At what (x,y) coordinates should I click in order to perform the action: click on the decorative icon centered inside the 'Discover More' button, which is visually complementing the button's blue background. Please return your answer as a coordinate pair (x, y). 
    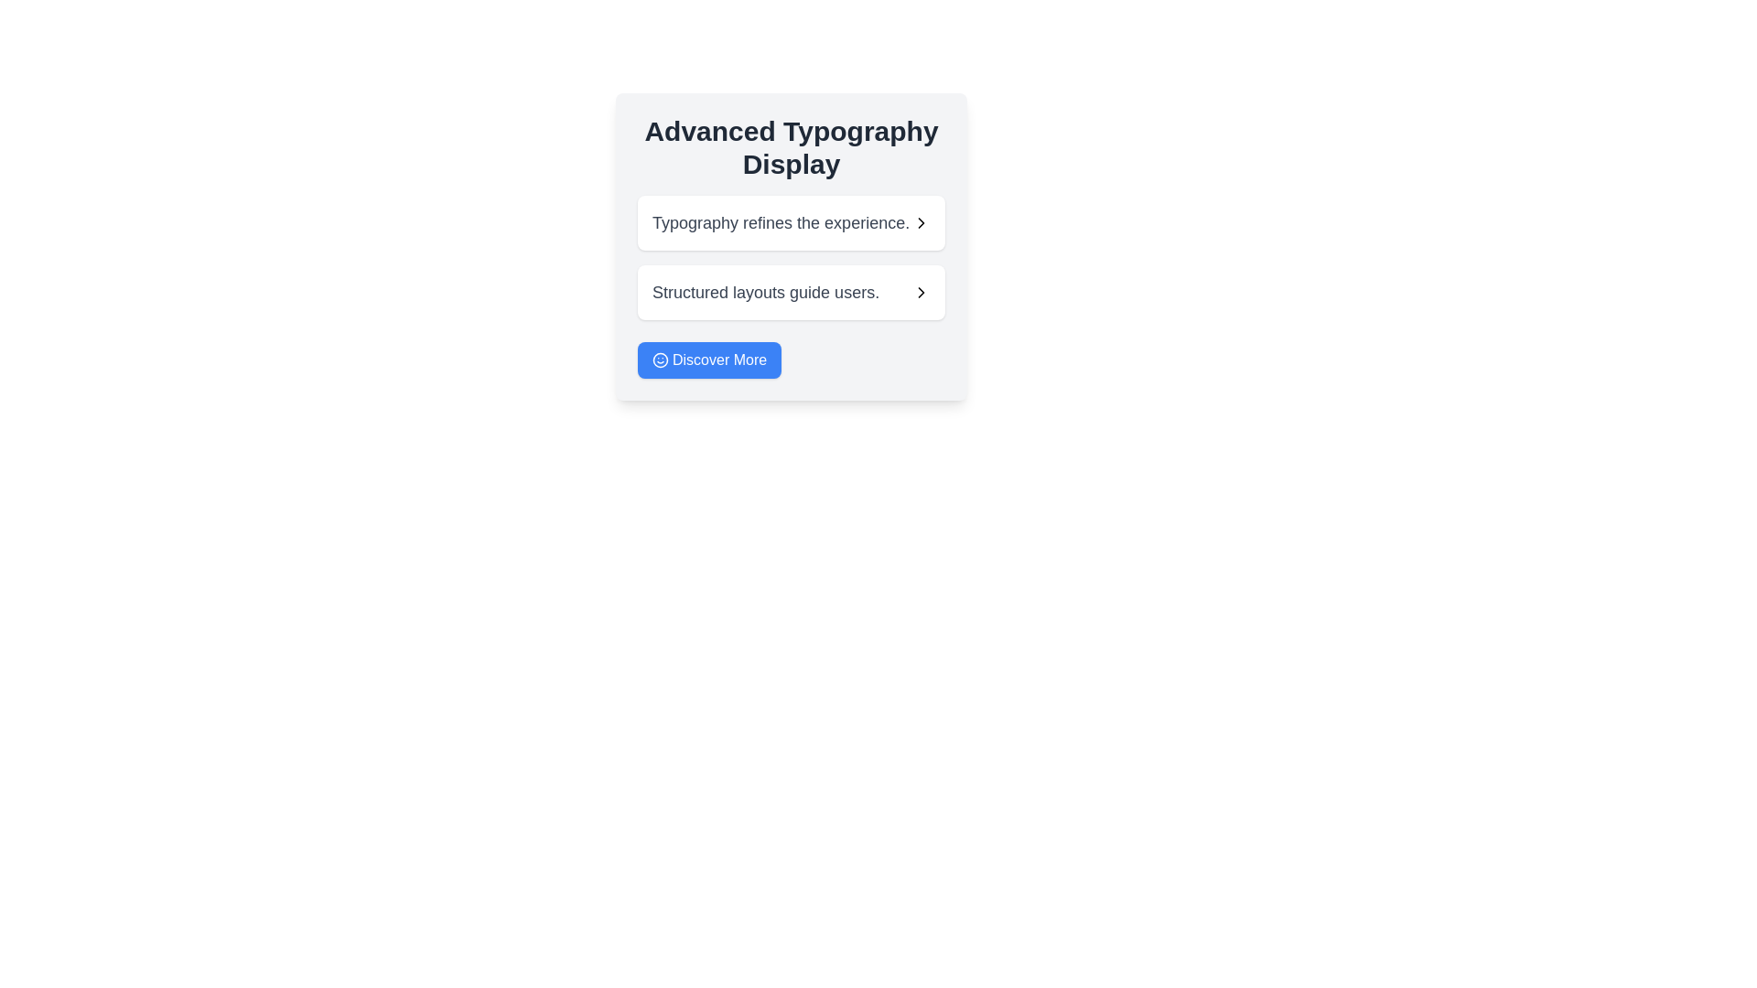
    Looking at the image, I should click on (659, 360).